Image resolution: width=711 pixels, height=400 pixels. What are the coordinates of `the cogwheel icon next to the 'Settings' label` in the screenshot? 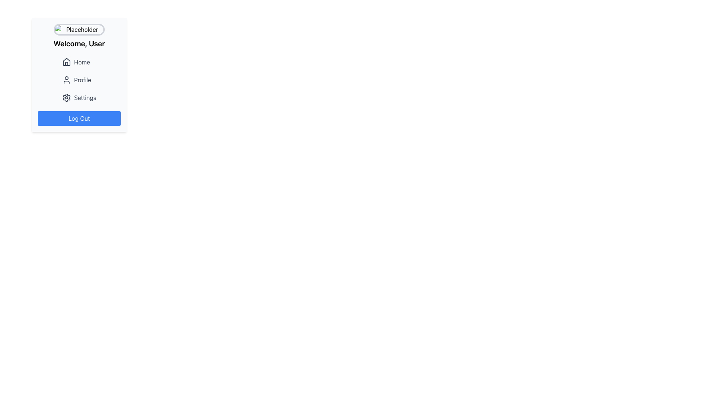 It's located at (67, 97).